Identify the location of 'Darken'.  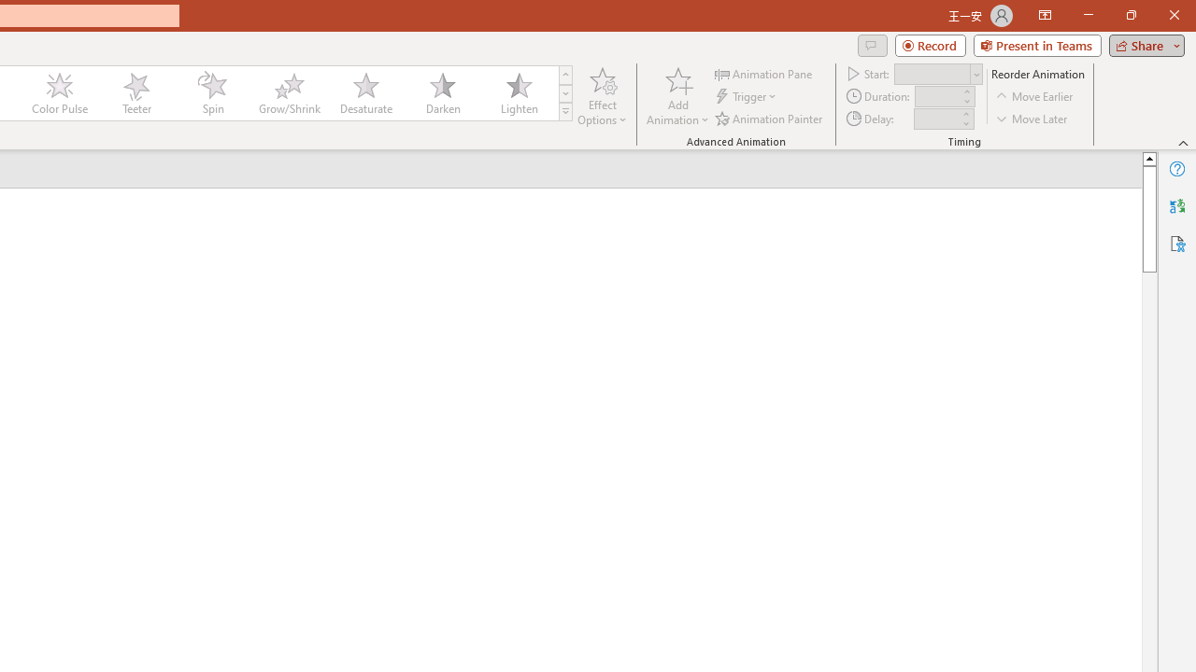
(441, 93).